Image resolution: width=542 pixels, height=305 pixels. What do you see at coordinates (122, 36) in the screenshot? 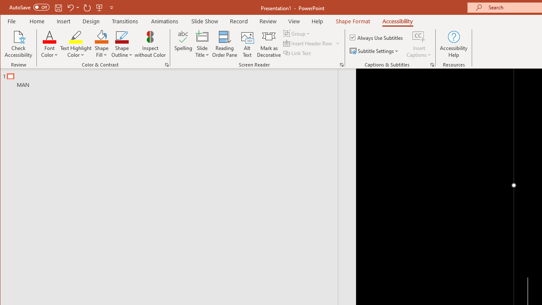
I see `'Shape Outline Blue, Accent 1'` at bounding box center [122, 36].